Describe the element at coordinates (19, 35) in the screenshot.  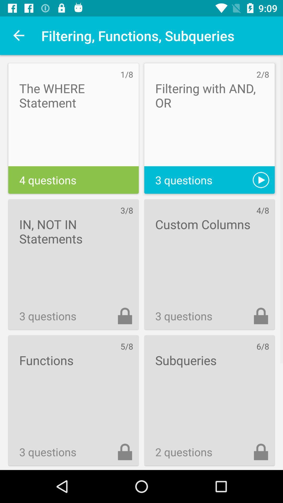
I see `item to the left of the filtering, functions, subqueries item` at that location.